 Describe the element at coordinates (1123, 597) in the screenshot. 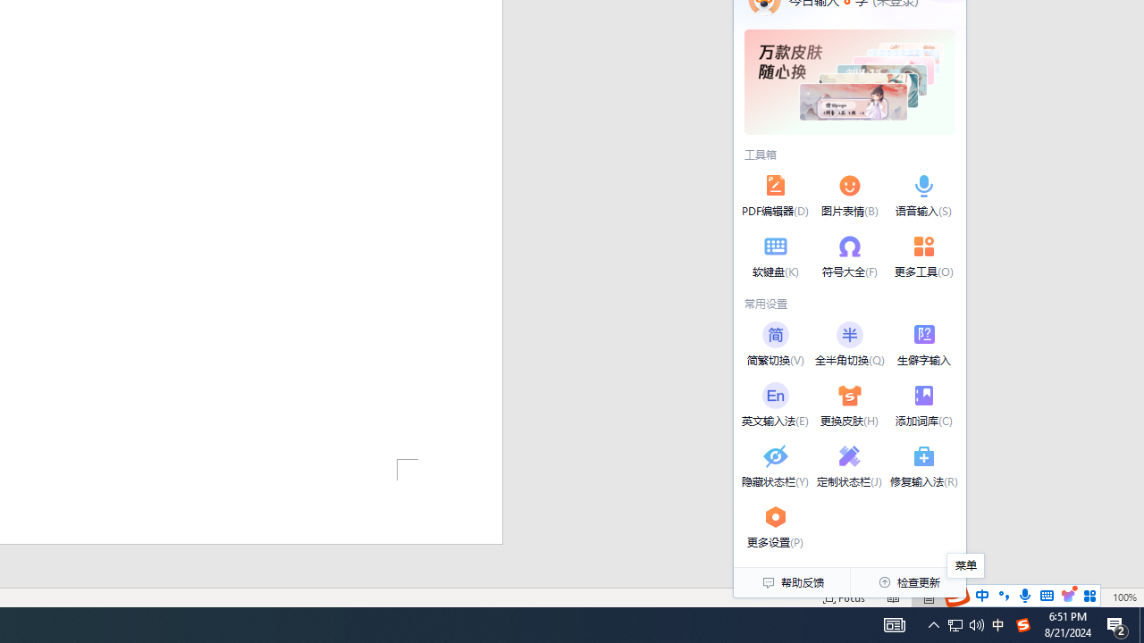

I see `'Zoom 100%'` at that location.